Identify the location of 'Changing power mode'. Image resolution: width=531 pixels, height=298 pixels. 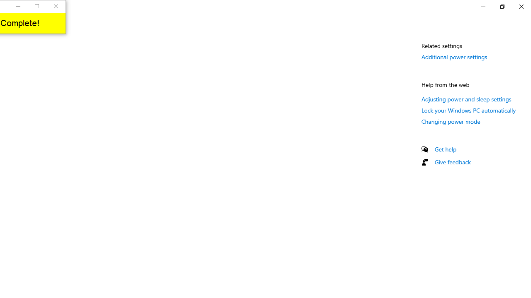
(451, 121).